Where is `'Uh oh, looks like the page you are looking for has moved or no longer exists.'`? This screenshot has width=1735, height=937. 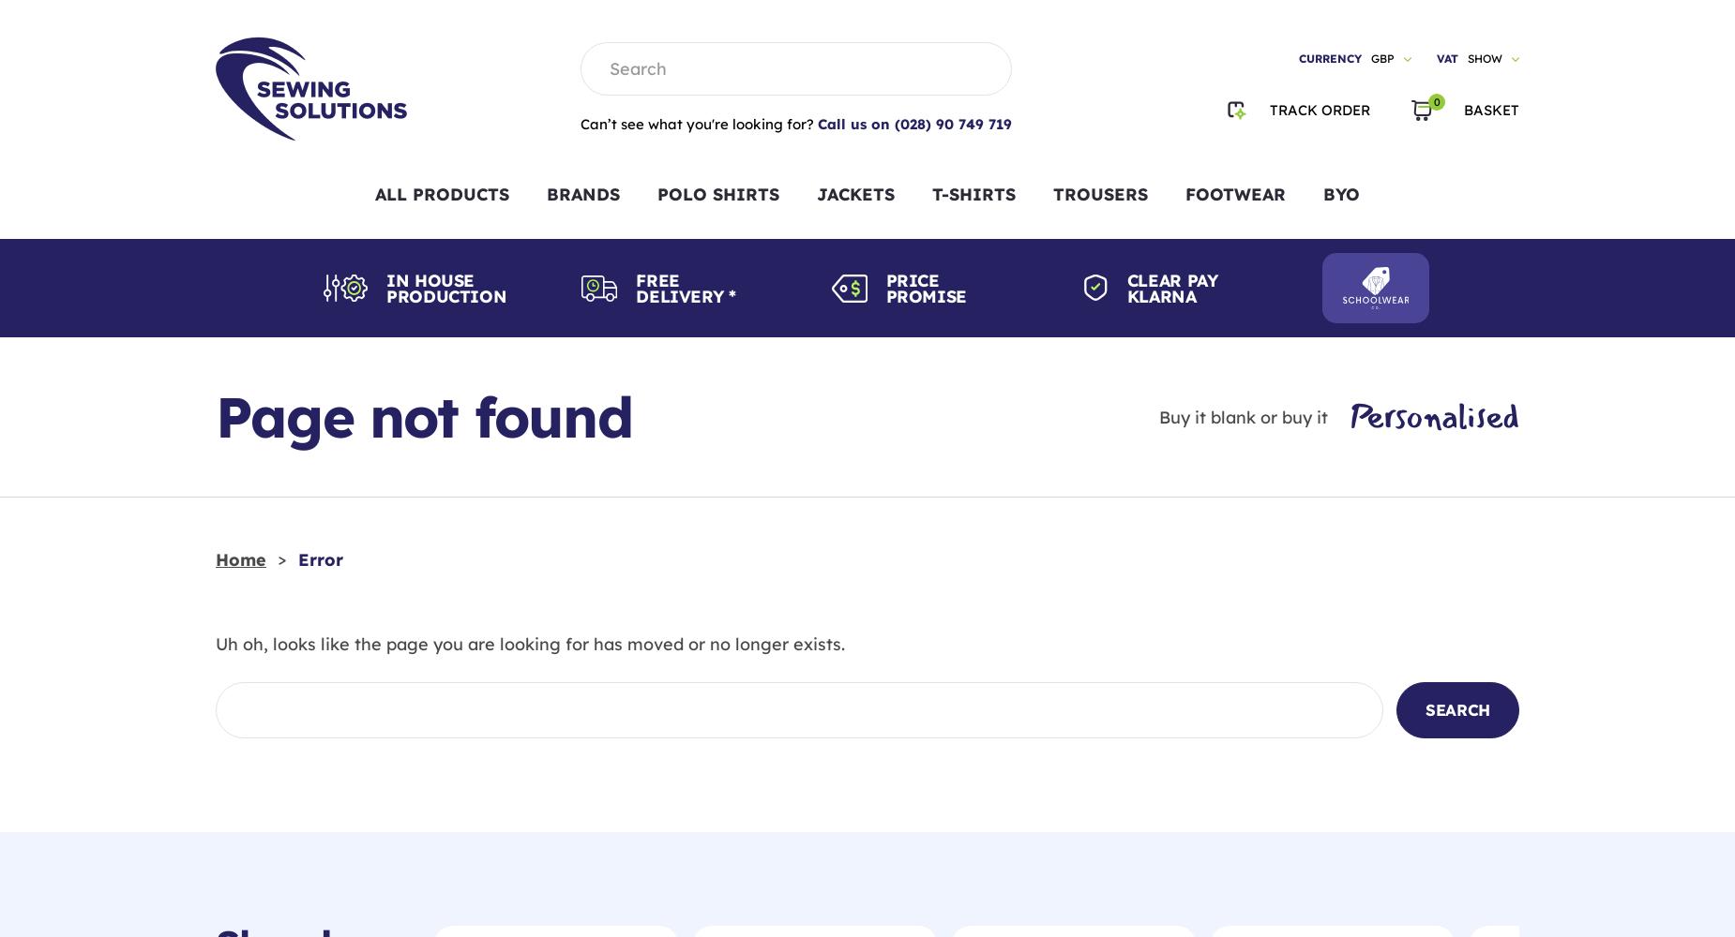 'Uh oh, looks like the page you are looking for has moved or no longer exists.' is located at coordinates (530, 644).